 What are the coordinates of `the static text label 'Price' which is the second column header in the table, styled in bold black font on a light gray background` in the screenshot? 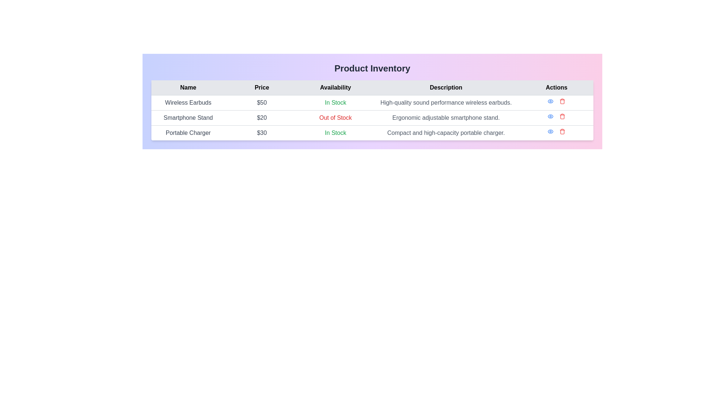 It's located at (262, 87).